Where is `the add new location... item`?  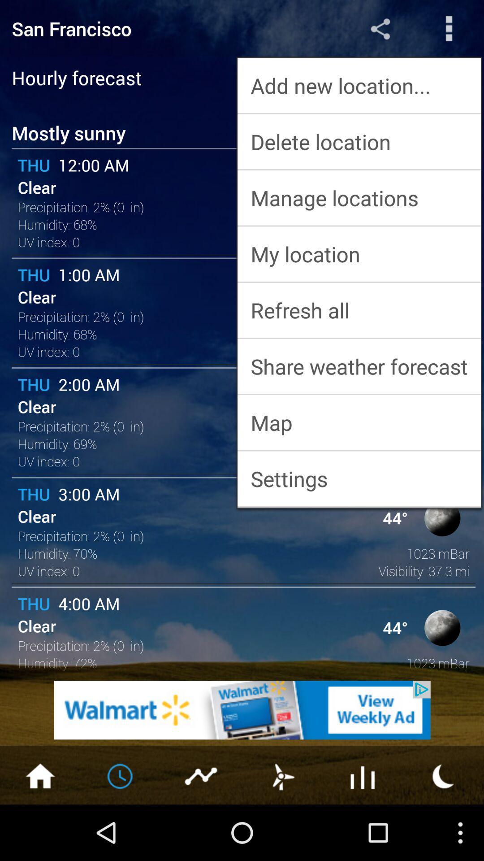
the add new location... item is located at coordinates (359, 85).